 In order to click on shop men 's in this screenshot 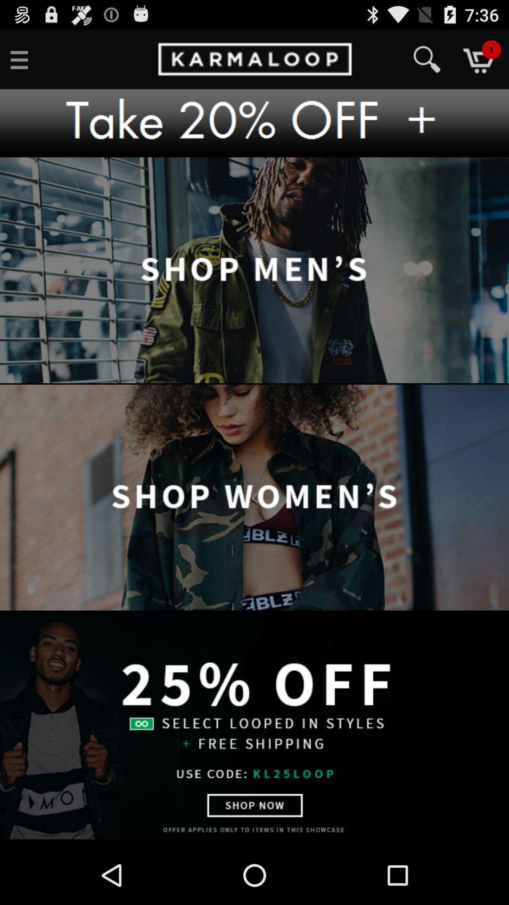, I will do `click(254, 270)`.